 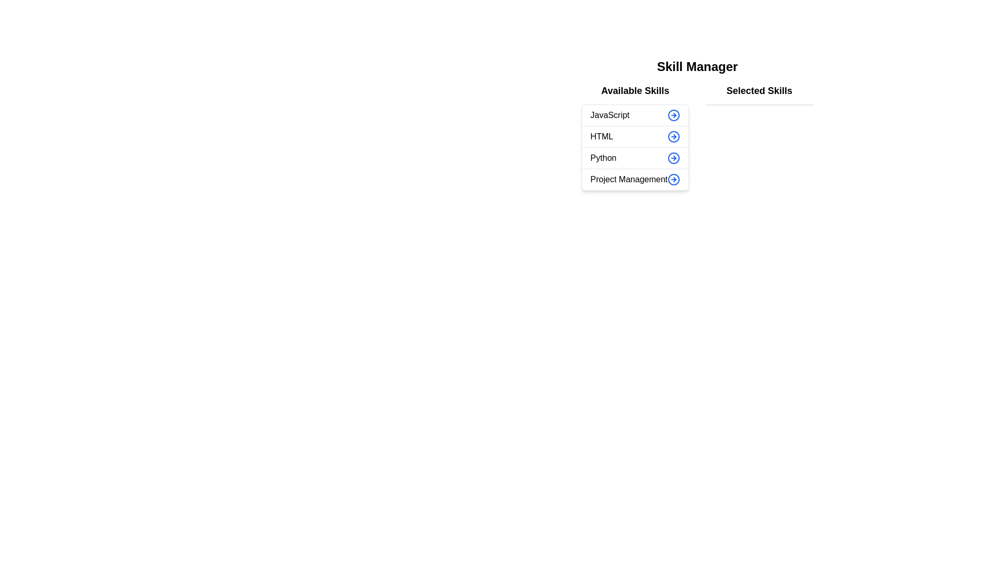 I want to click on the button corresponding to the skill Python, so click(x=674, y=158).